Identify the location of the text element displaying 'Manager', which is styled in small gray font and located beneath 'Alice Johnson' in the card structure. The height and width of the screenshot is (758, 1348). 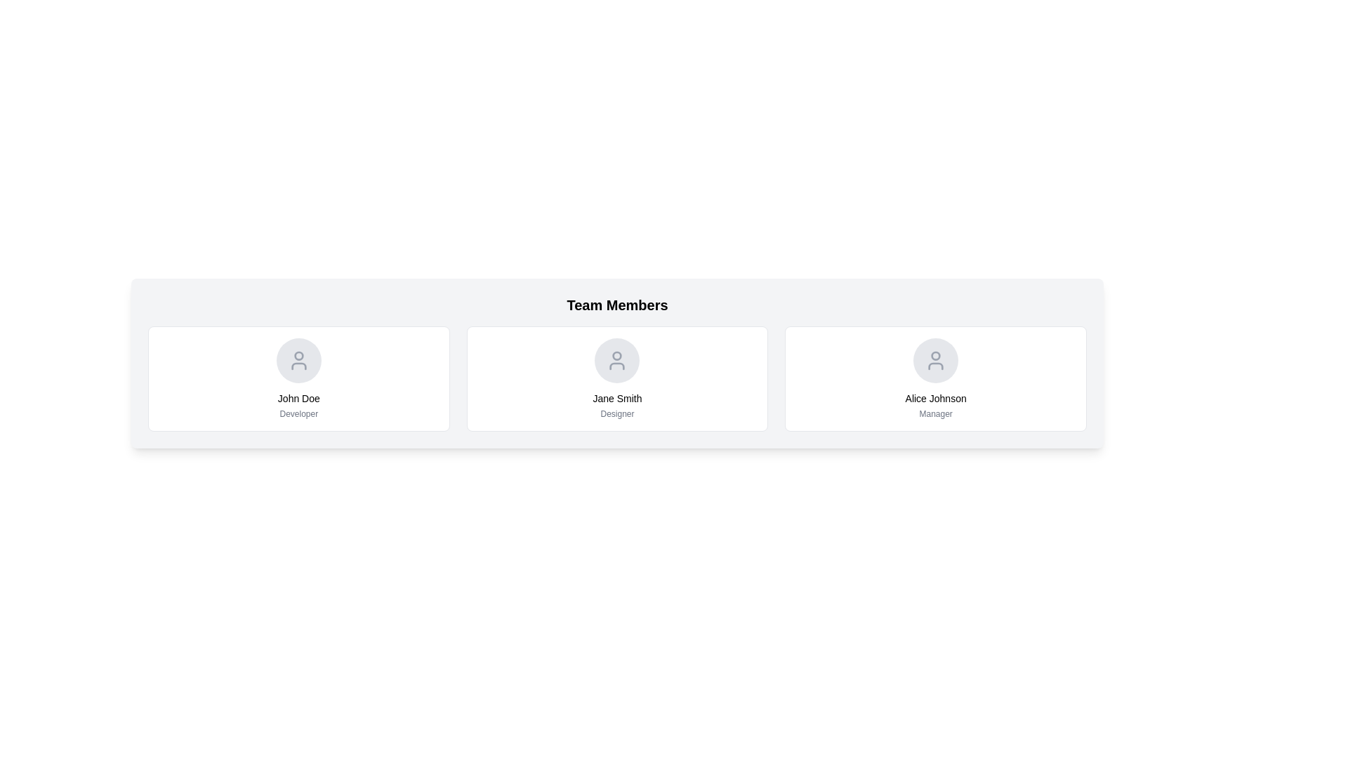
(936, 413).